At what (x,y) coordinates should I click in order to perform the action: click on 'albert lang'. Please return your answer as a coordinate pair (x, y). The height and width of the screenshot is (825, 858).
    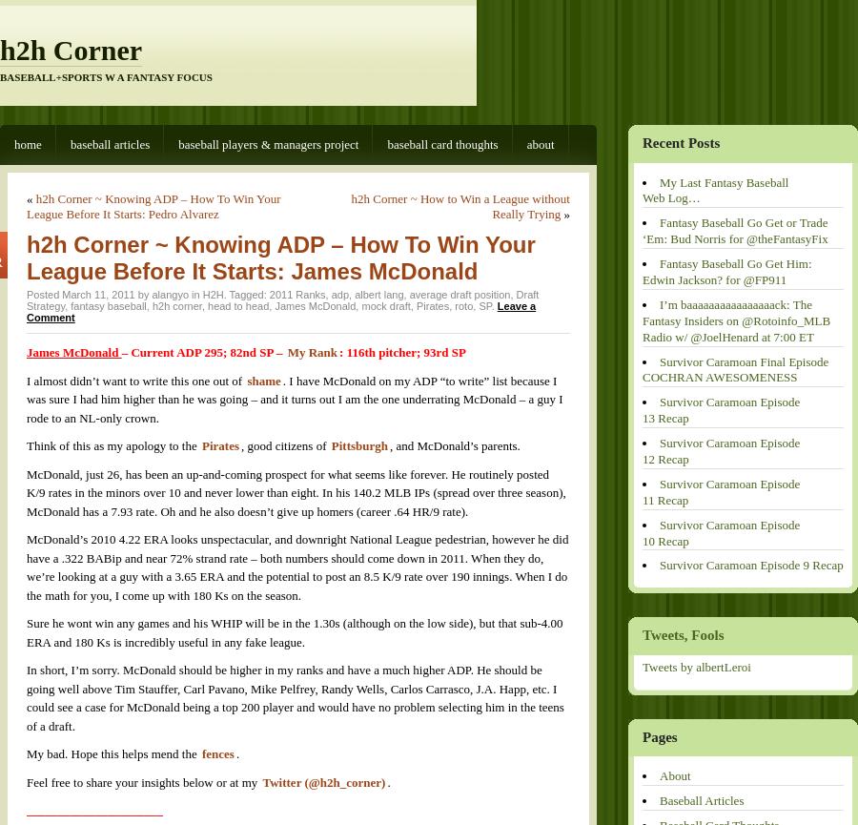
    Looking at the image, I should click on (378, 294).